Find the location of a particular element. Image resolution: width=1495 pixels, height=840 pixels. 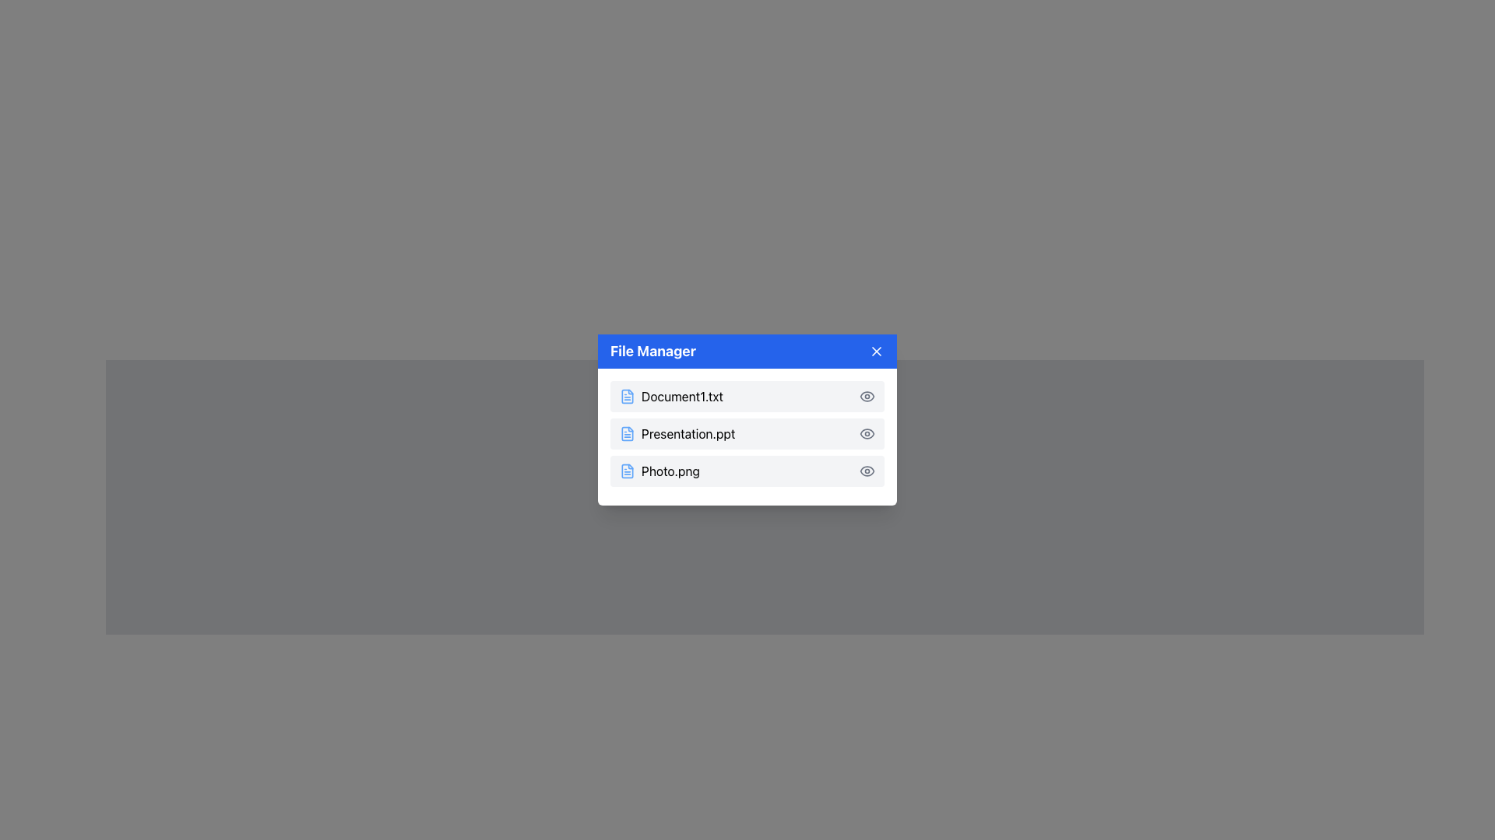

the static text label displaying 'Photo.png' in black font is located at coordinates (670, 470).